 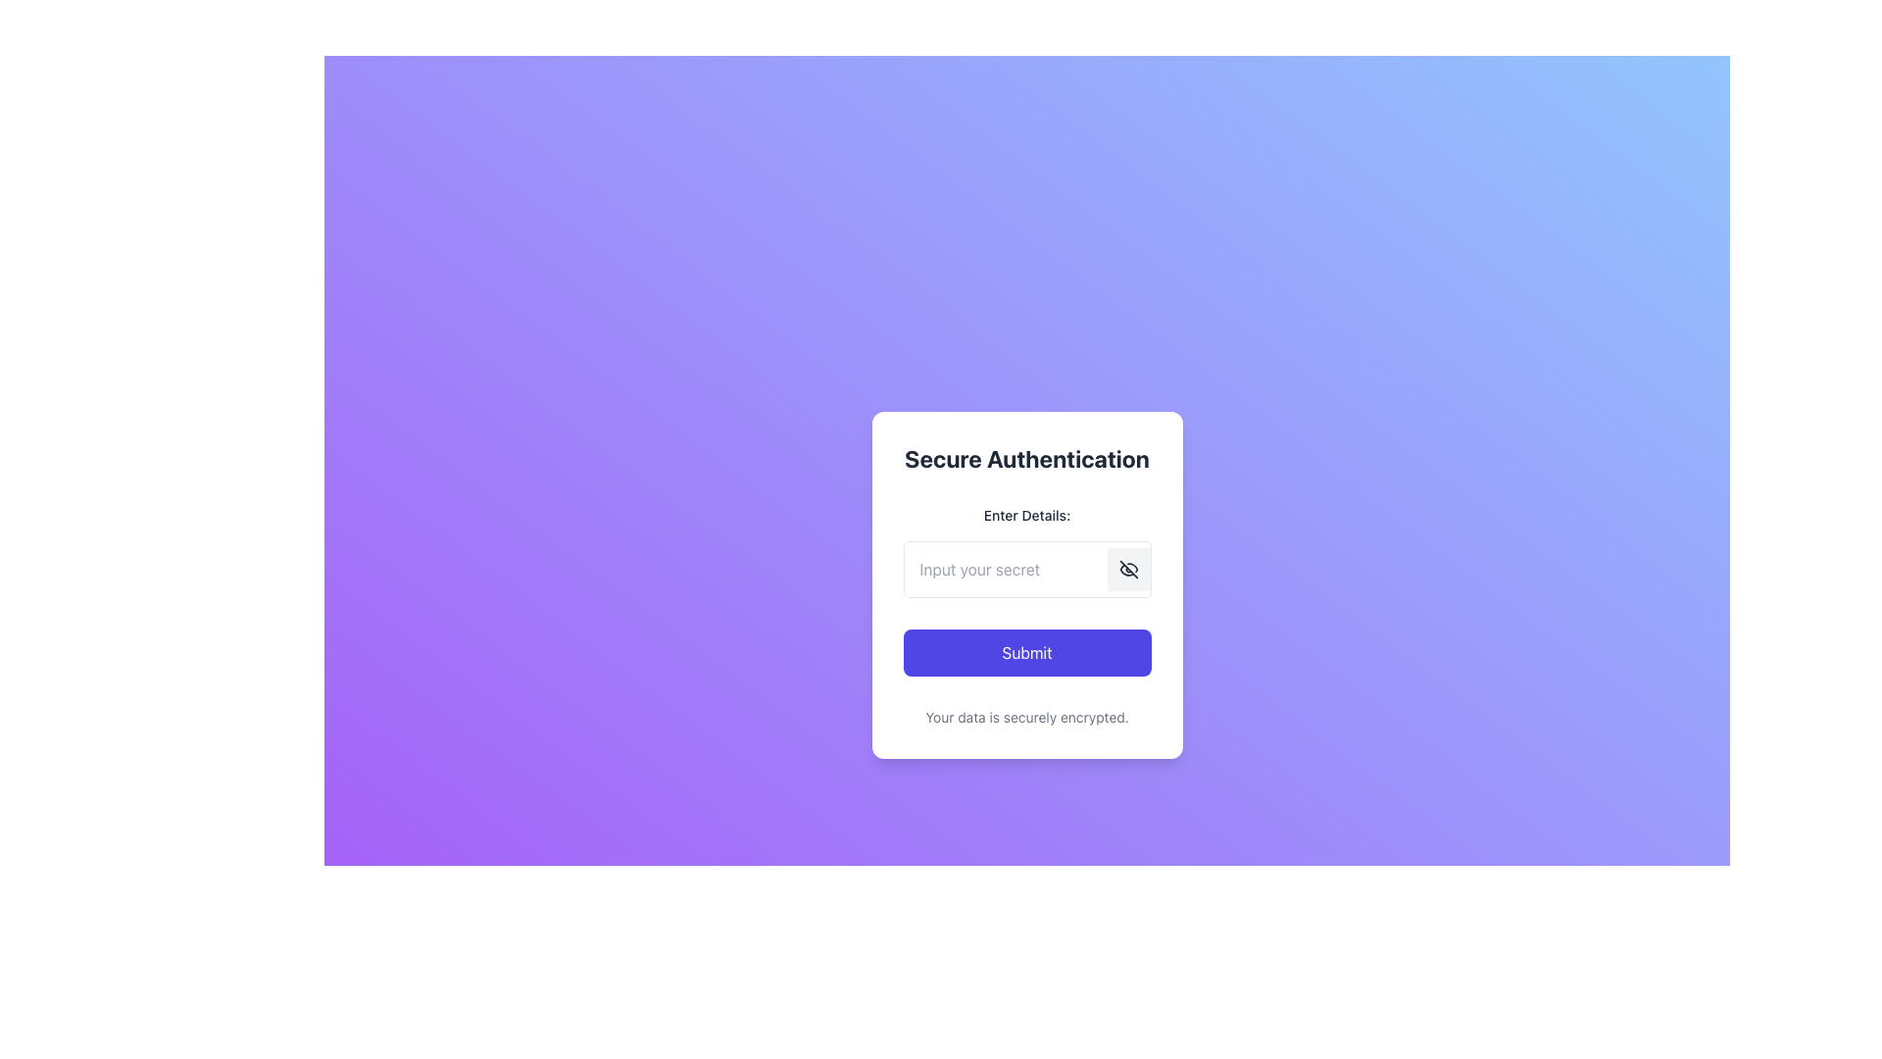 What do you see at coordinates (1006, 570) in the screenshot?
I see `the text input field that has a placeholder reading 'Input your secret'` at bounding box center [1006, 570].